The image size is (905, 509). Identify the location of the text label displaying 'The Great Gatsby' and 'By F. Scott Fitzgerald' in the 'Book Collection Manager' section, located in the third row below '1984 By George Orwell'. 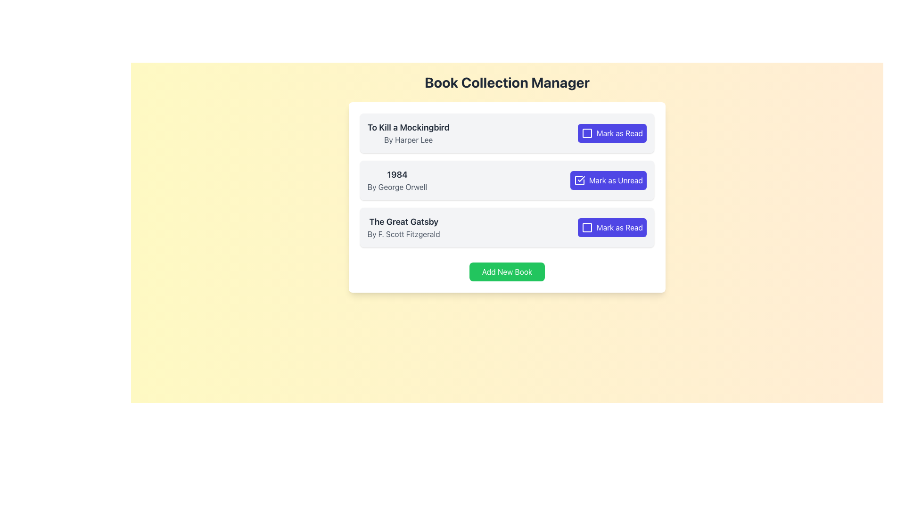
(403, 227).